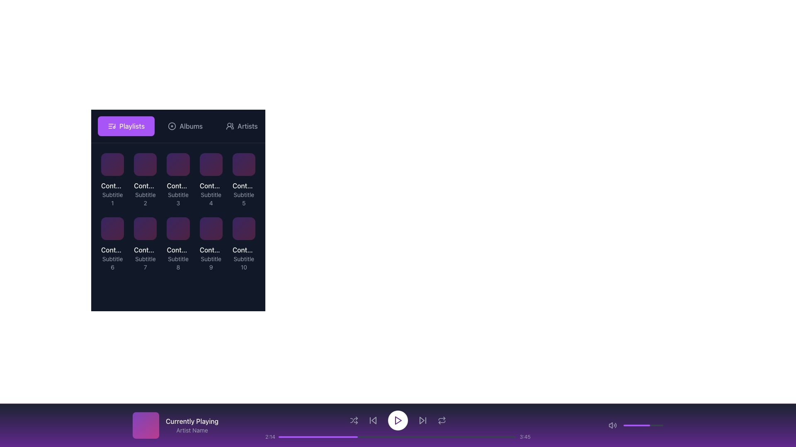 Image resolution: width=796 pixels, height=447 pixels. I want to click on the playback position, so click(470, 437).